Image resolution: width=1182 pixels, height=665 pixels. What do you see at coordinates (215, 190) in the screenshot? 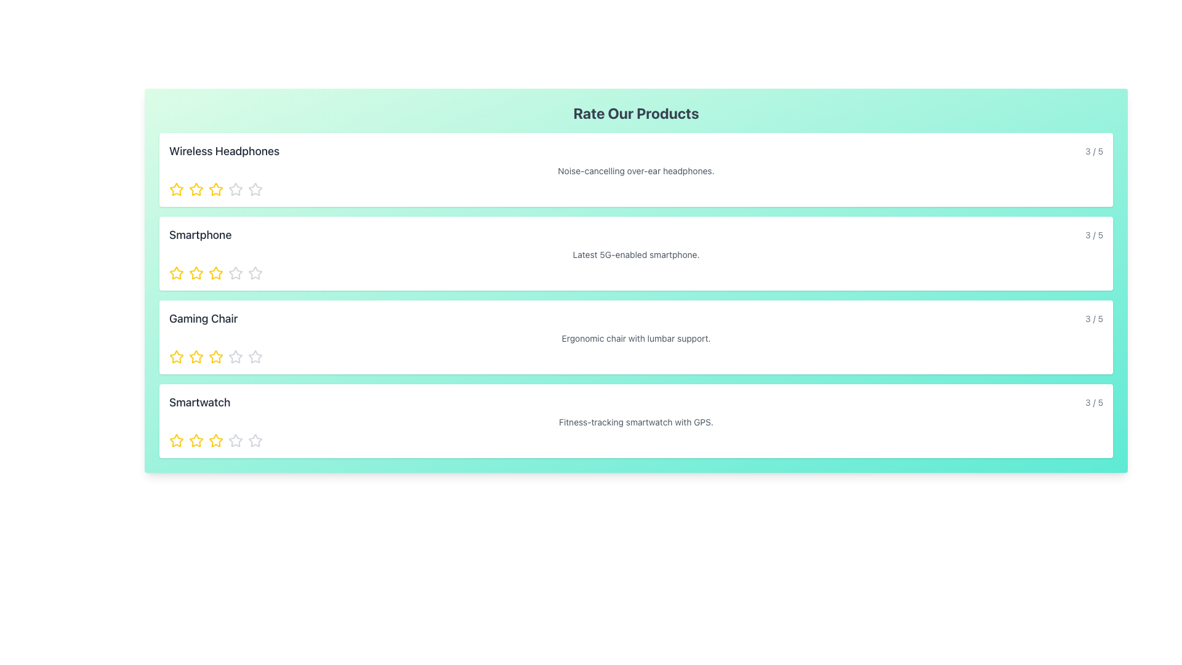
I see `the third star in the rating system under the 'Wireless Headphones' section to assign a rating value` at bounding box center [215, 190].